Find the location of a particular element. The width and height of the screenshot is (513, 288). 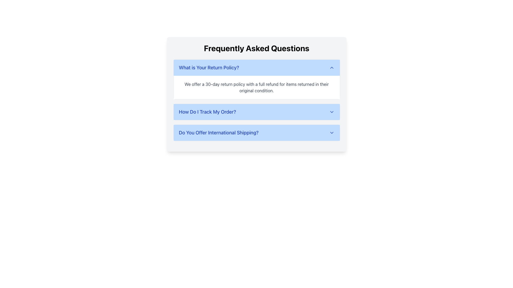

the small upward-pointing chevron icon located to the right of the text 'What is Your Return Policy?' in the header is located at coordinates (331, 67).